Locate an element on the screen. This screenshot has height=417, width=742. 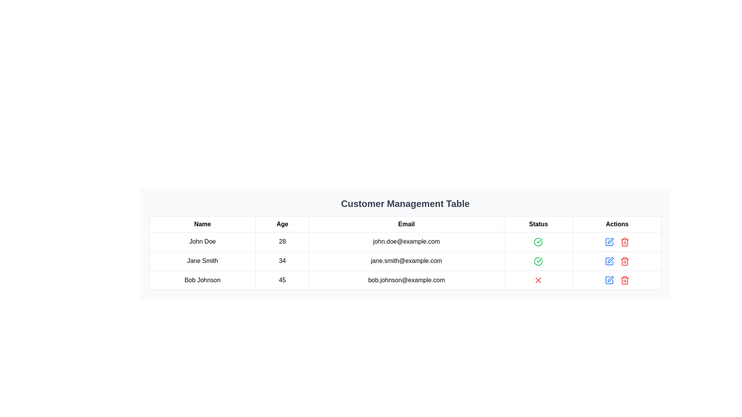
the edit icon button located in the 'Actions' column of the last row in the table is located at coordinates (609, 280).